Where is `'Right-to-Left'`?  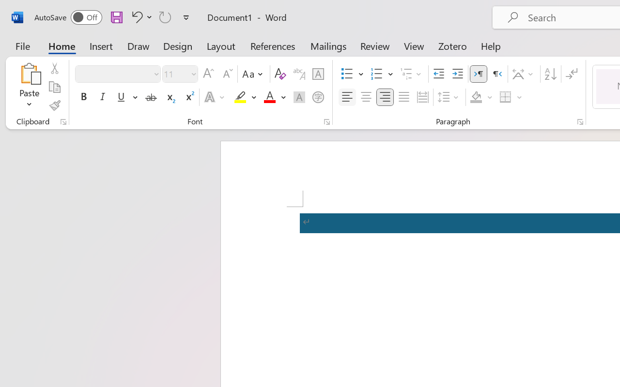 'Right-to-Left' is located at coordinates (497, 74).